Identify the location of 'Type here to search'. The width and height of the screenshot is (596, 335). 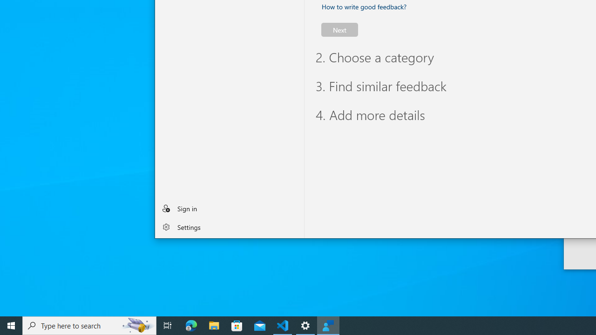
(89, 325).